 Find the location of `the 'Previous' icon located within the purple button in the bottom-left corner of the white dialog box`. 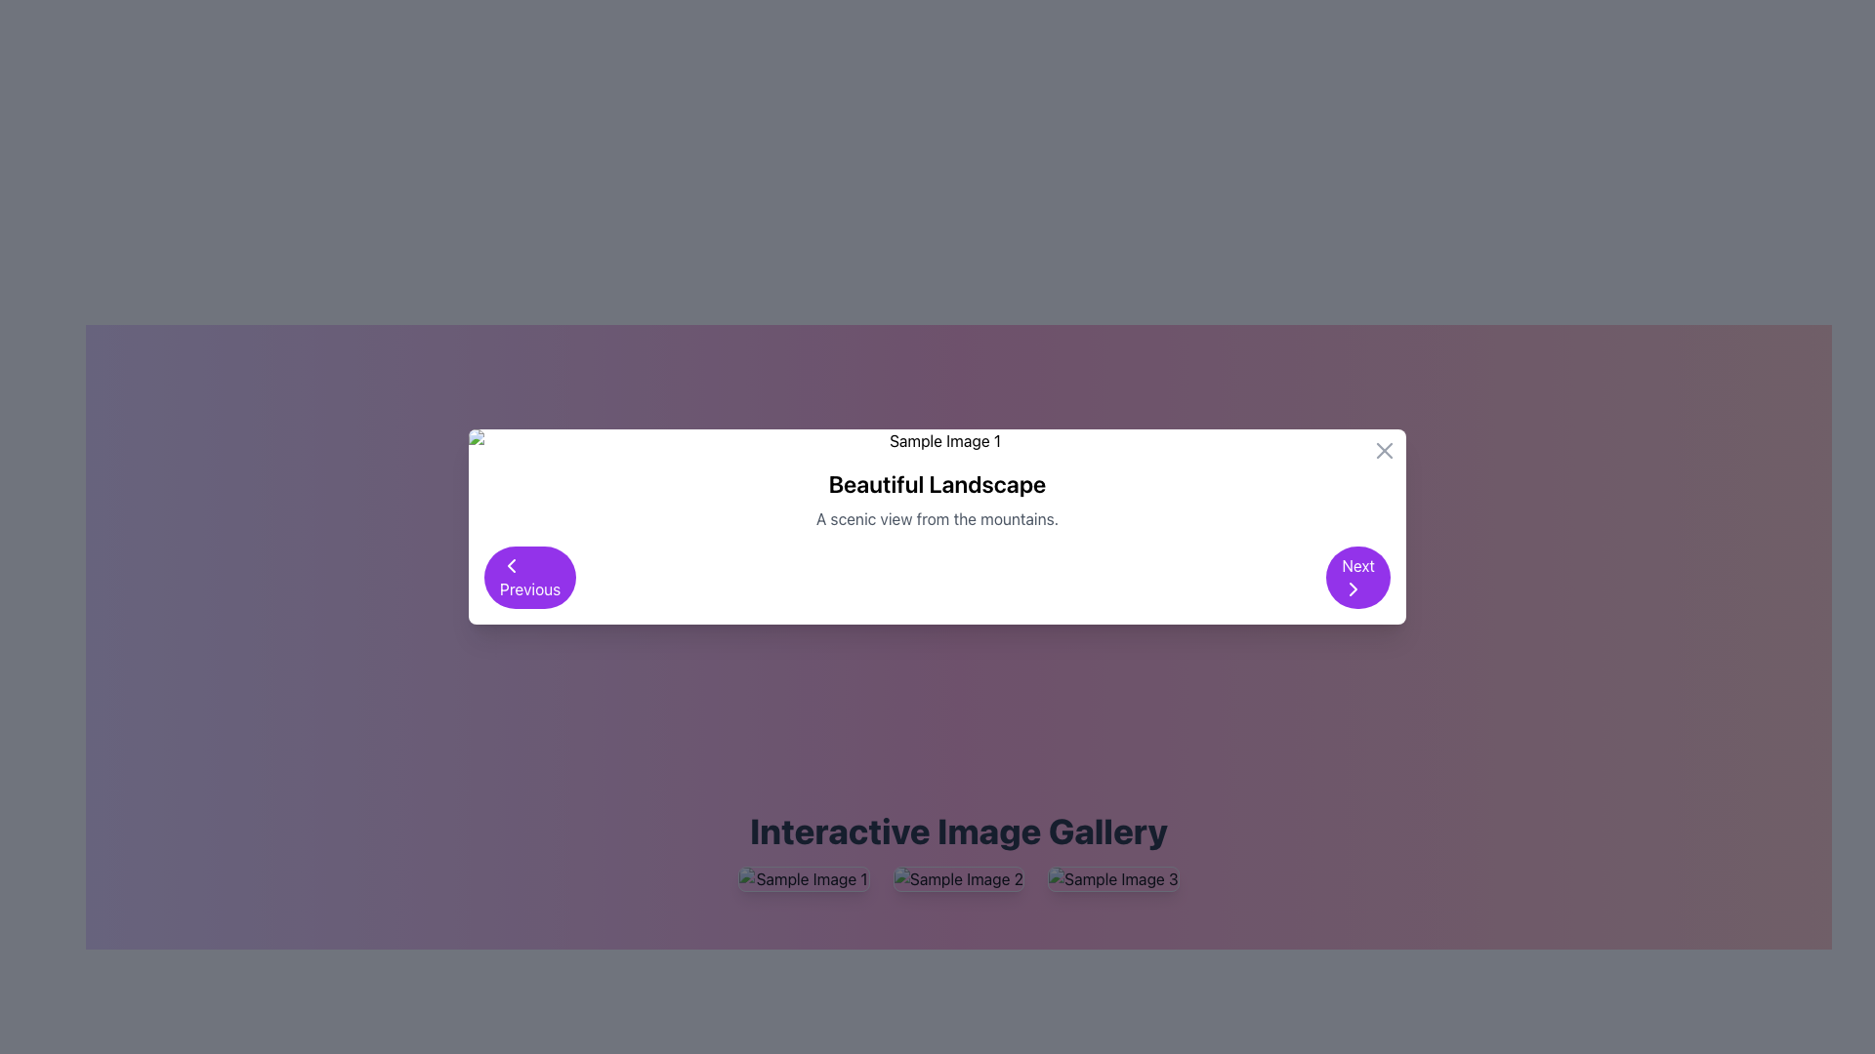

the 'Previous' icon located within the purple button in the bottom-left corner of the white dialog box is located at coordinates (511, 565).